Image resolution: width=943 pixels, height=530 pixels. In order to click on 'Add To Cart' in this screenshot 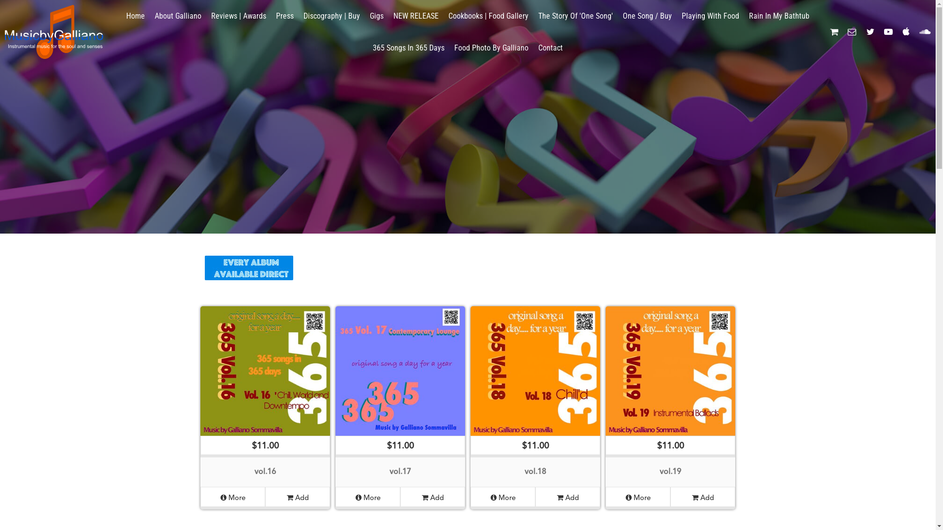, I will do `click(21, 4)`.